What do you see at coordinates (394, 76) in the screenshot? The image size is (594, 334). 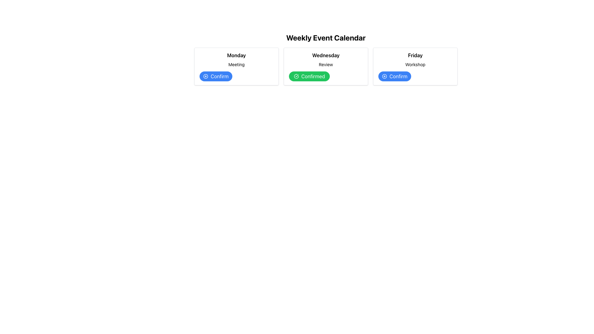 I see `the confirm button for the 'Friday Workshop' activity, which is located at the far right of the horizontal button group in the 'Friday' event section` at bounding box center [394, 76].